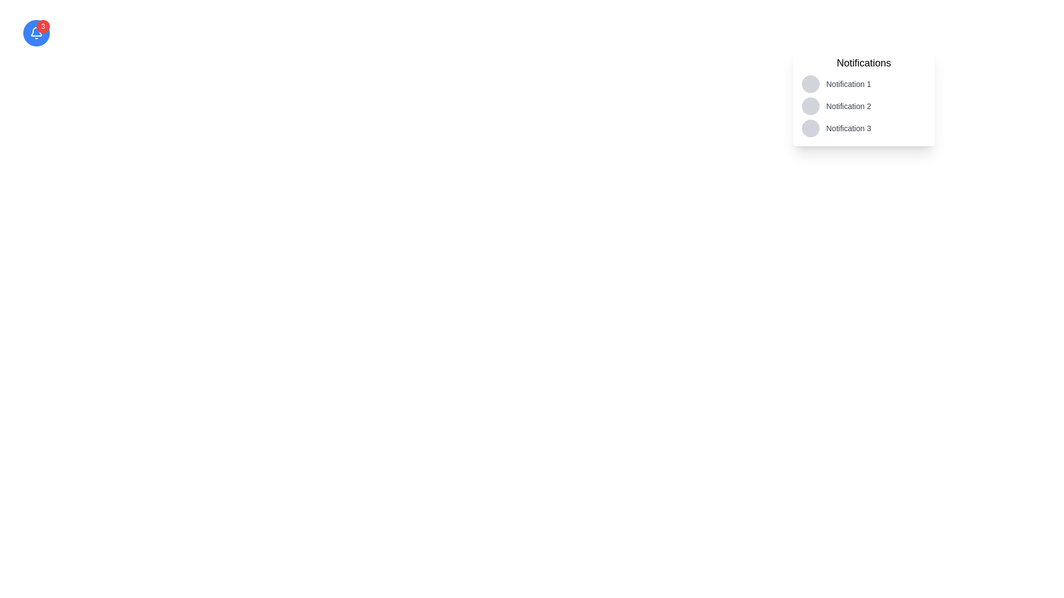  What do you see at coordinates (43, 25) in the screenshot?
I see `the circular red notification badge displaying the numeral '3' at the top-right corner of the blue bell icon button` at bounding box center [43, 25].